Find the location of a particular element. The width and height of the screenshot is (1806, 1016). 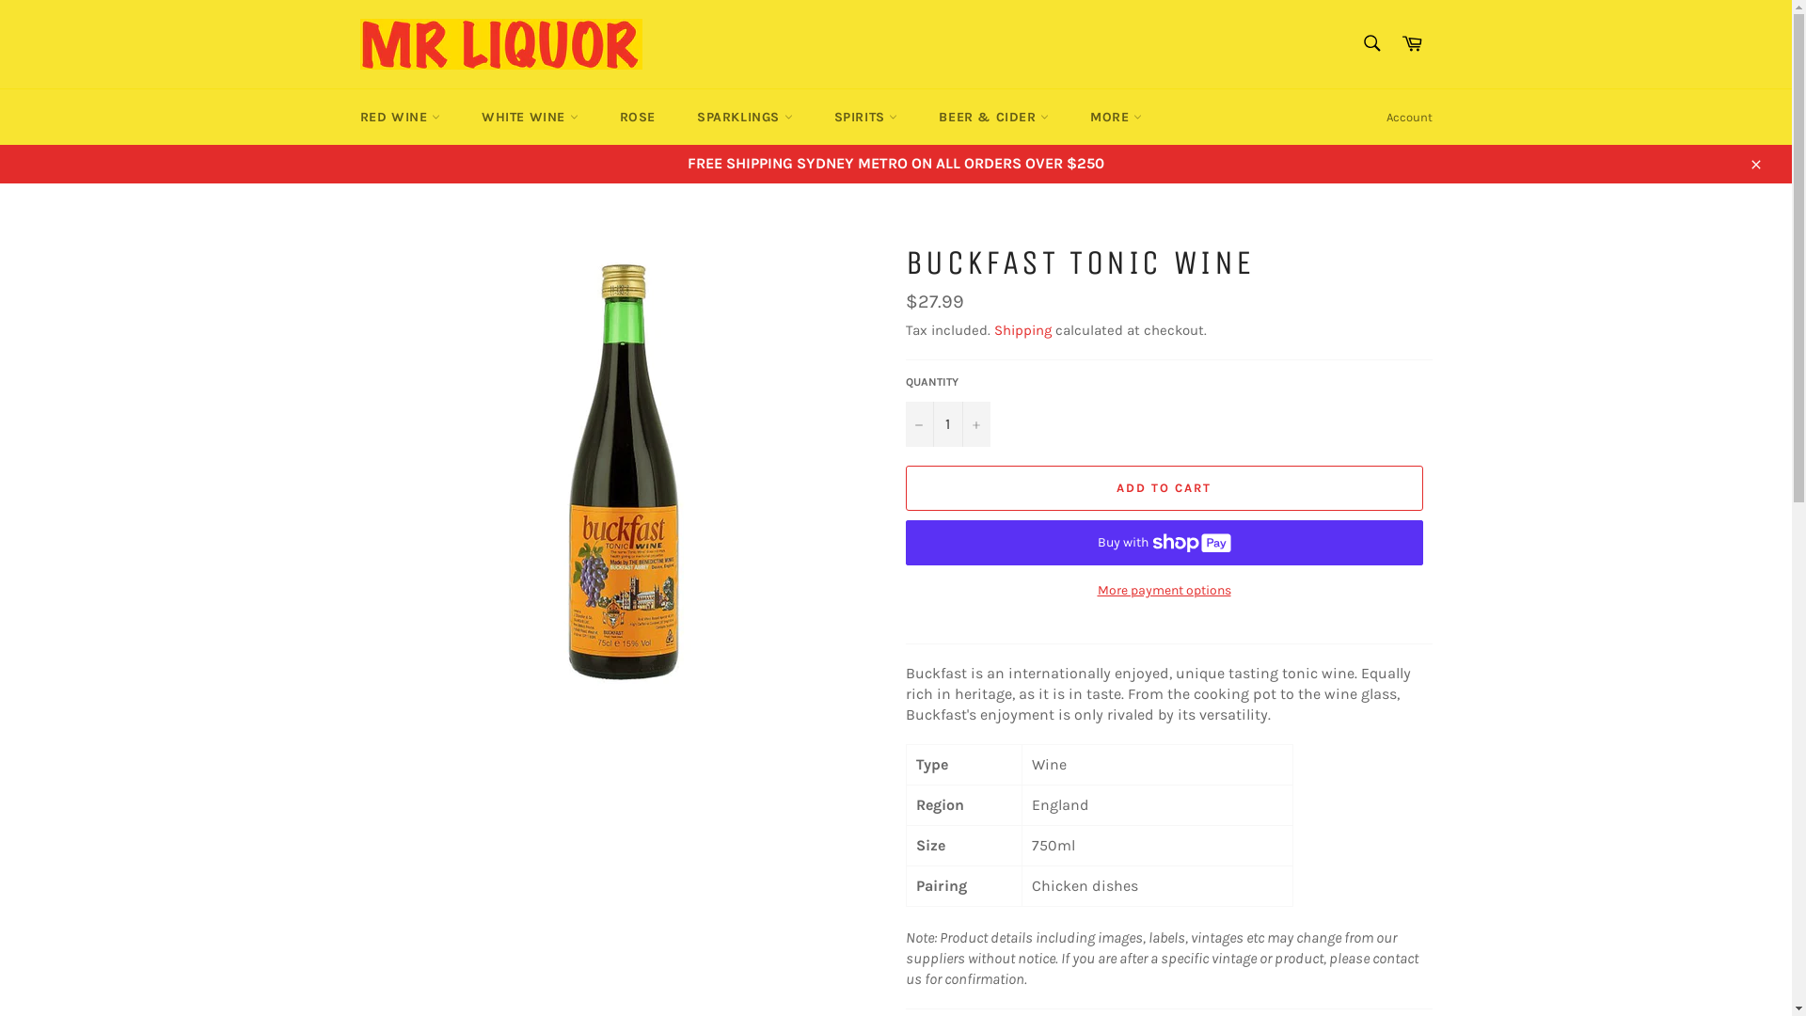

'More payment options' is located at coordinates (1163, 589).